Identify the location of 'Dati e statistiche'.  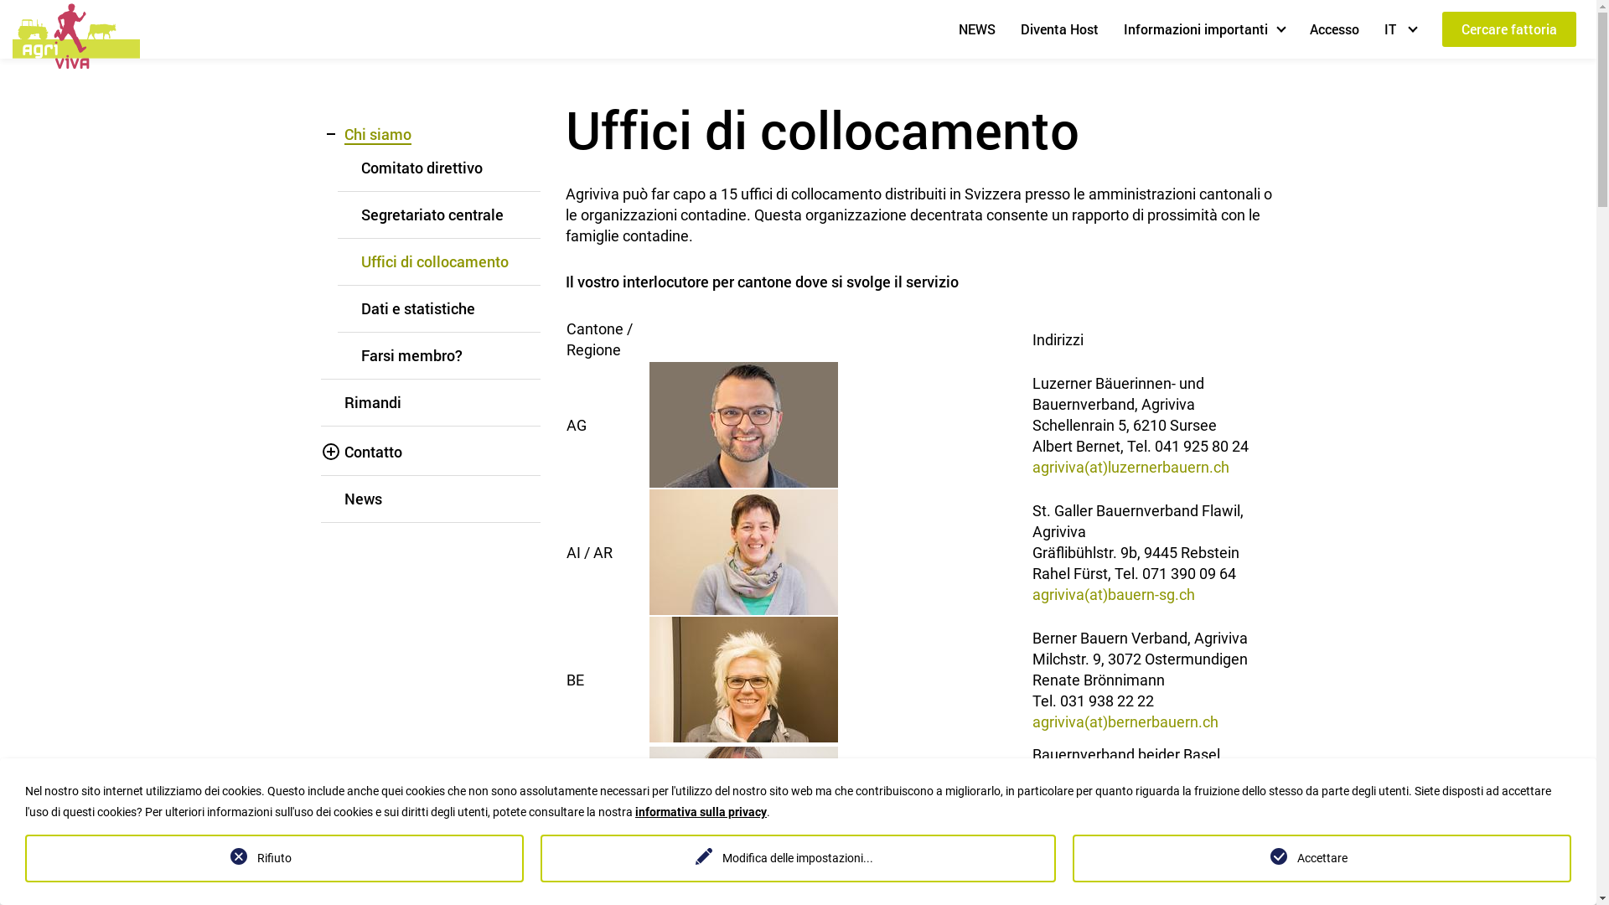
(417, 308).